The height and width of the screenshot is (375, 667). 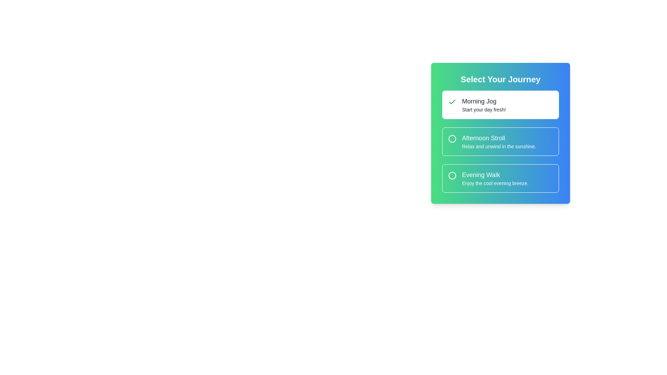 What do you see at coordinates (500, 105) in the screenshot?
I see `the first interactive list option titled 'Morning Jog'` at bounding box center [500, 105].